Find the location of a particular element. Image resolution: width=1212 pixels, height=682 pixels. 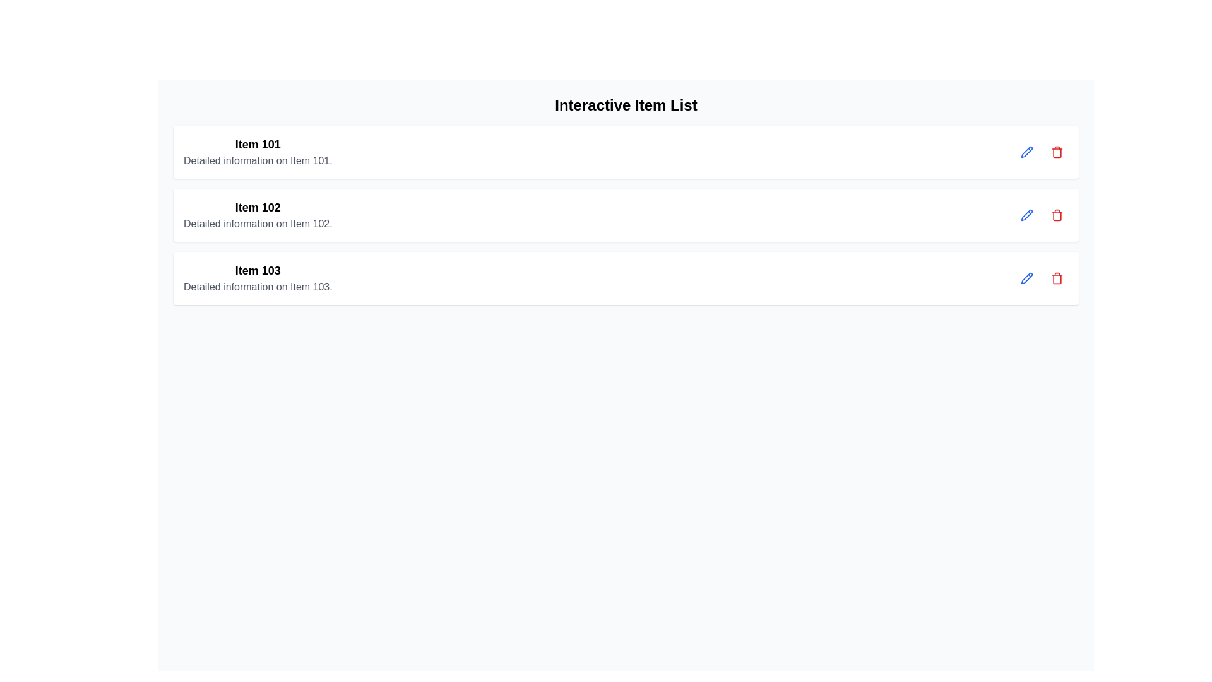

the informational card displaying details for 'Item 102', which is the second item in a vertical list of similar elements is located at coordinates (257, 214).